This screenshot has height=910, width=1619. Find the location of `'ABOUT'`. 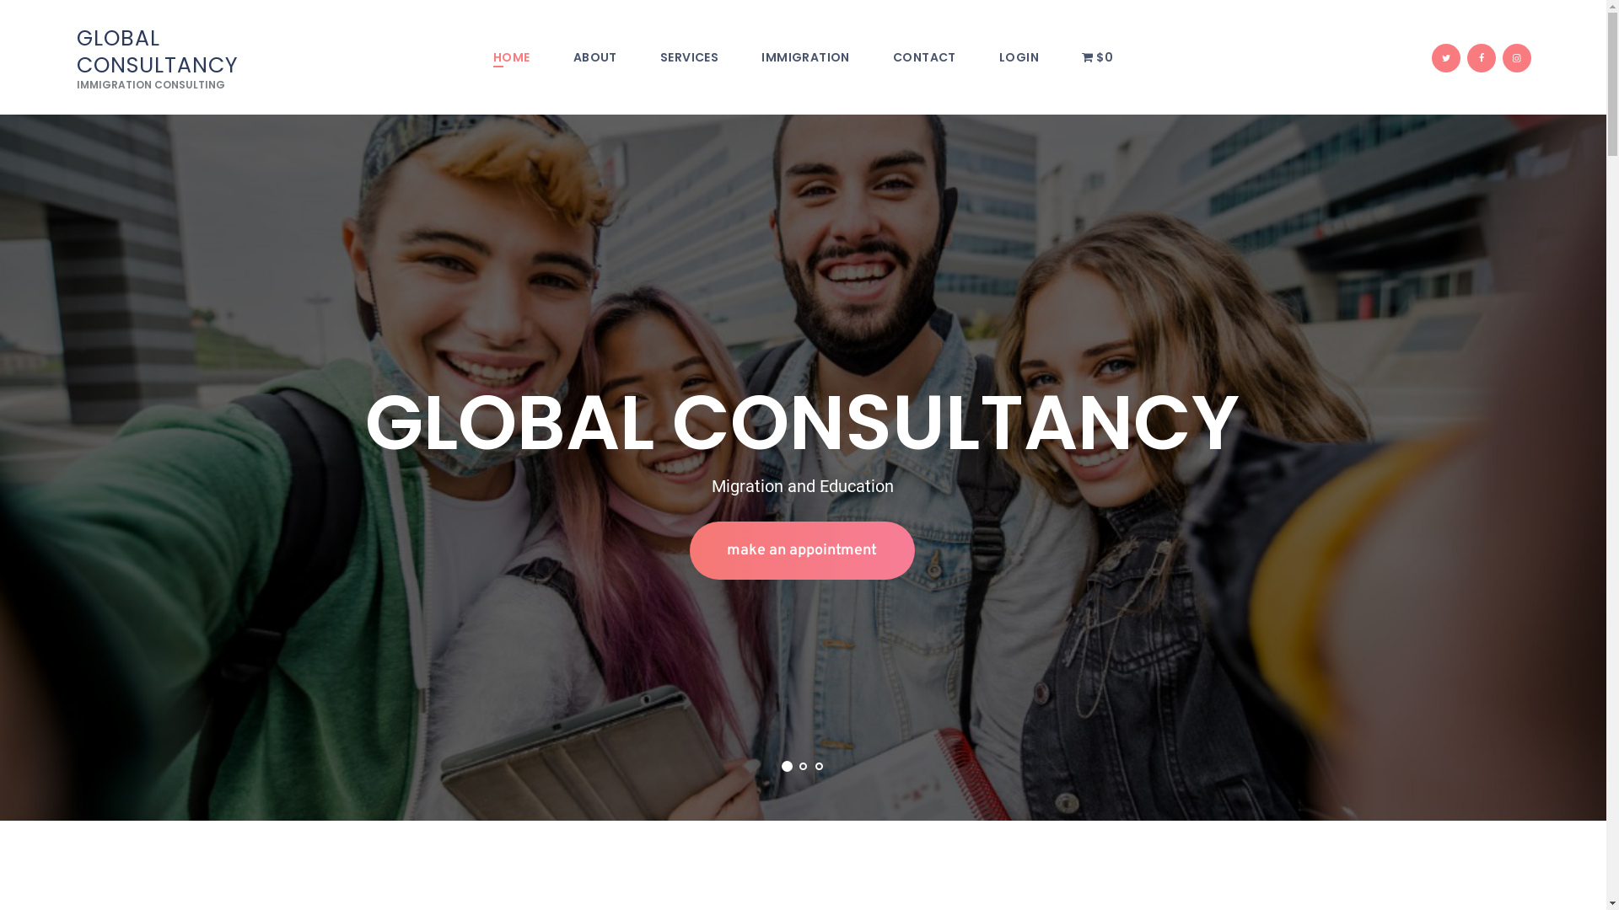

'ABOUT' is located at coordinates (594, 57).